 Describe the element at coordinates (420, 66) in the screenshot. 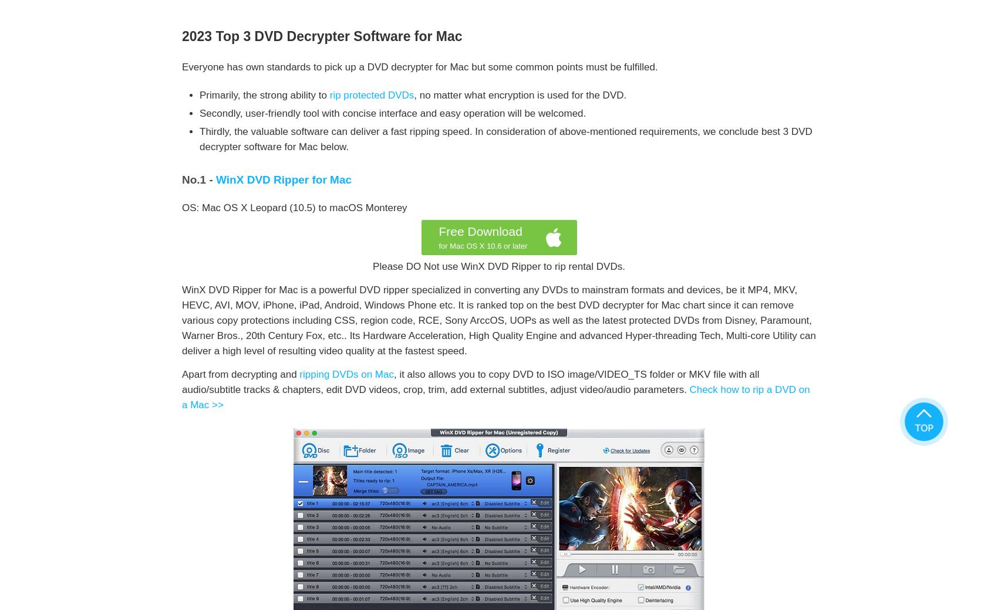

I see `'Everyone has own standards to pick up a DVD decrypter for Mac but some common points must be fulfilled.'` at that location.